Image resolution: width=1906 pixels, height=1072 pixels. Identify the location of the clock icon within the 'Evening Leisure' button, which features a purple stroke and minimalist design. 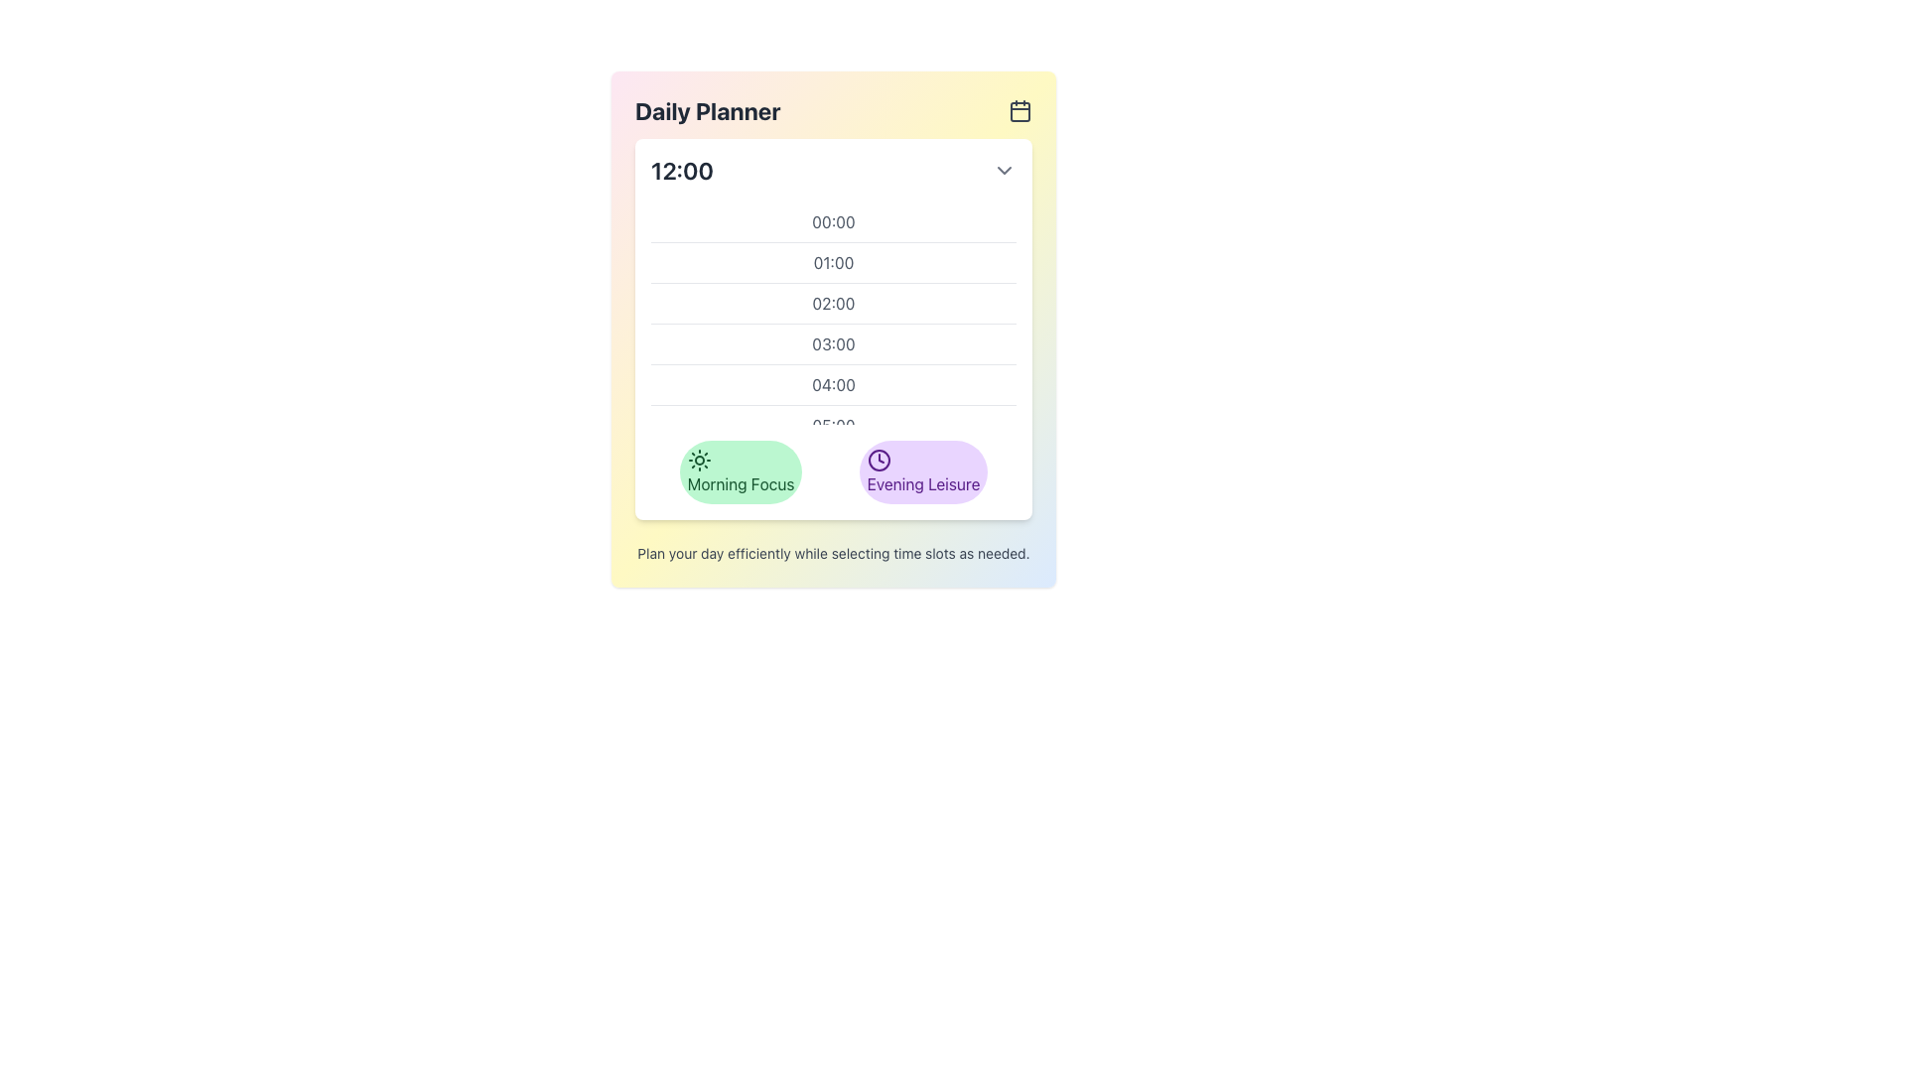
(878, 460).